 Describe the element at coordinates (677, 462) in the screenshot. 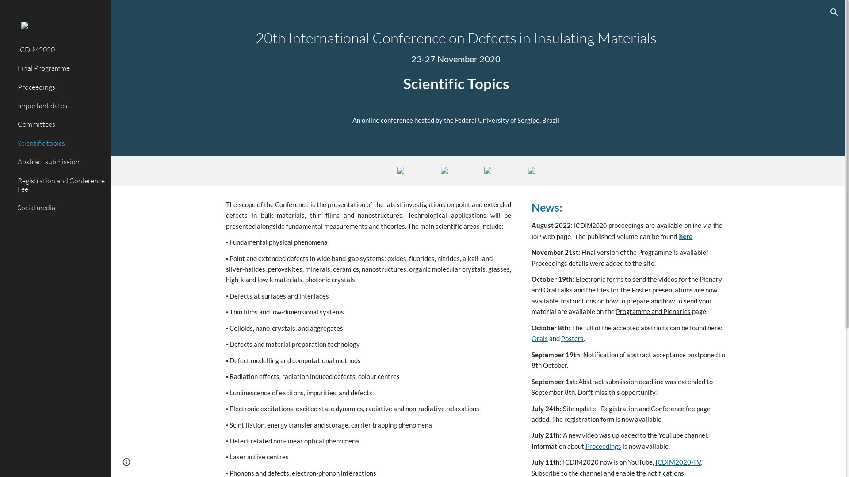

I see `'ICDIM2020-TV'` at that location.